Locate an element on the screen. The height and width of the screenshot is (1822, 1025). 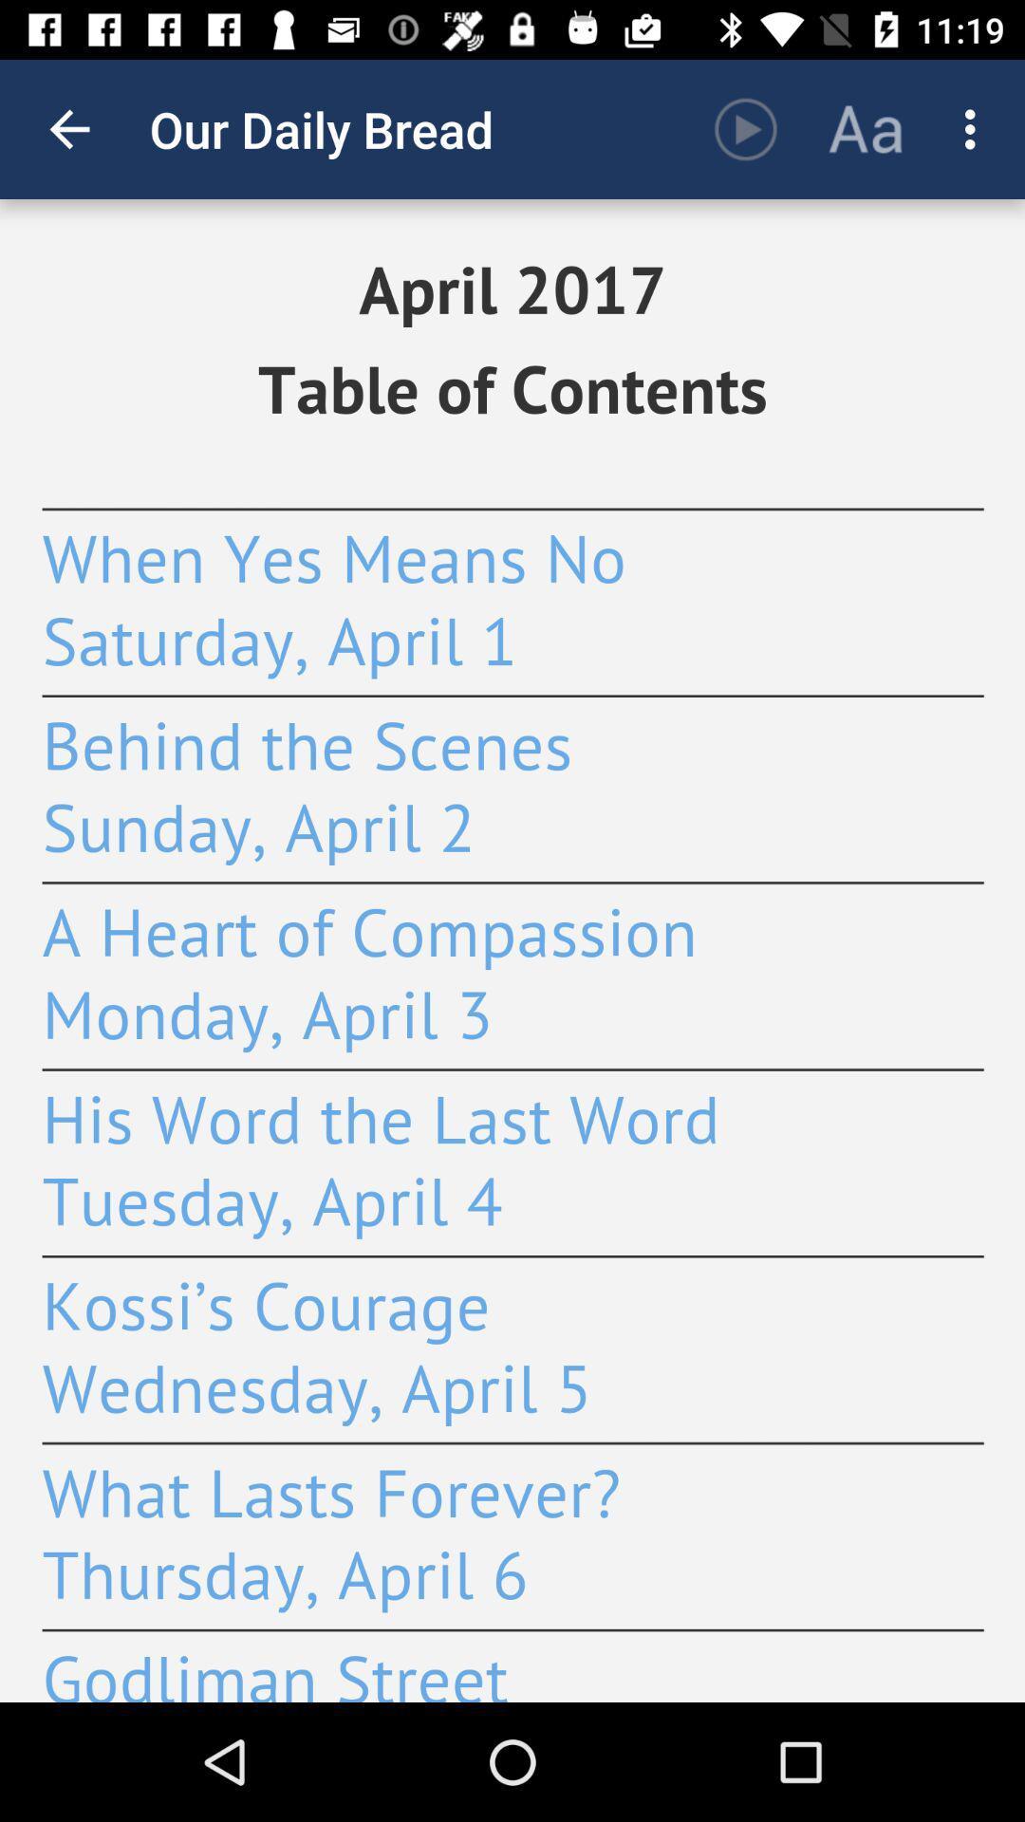
the icon next to the our daily bread item is located at coordinates (68, 128).